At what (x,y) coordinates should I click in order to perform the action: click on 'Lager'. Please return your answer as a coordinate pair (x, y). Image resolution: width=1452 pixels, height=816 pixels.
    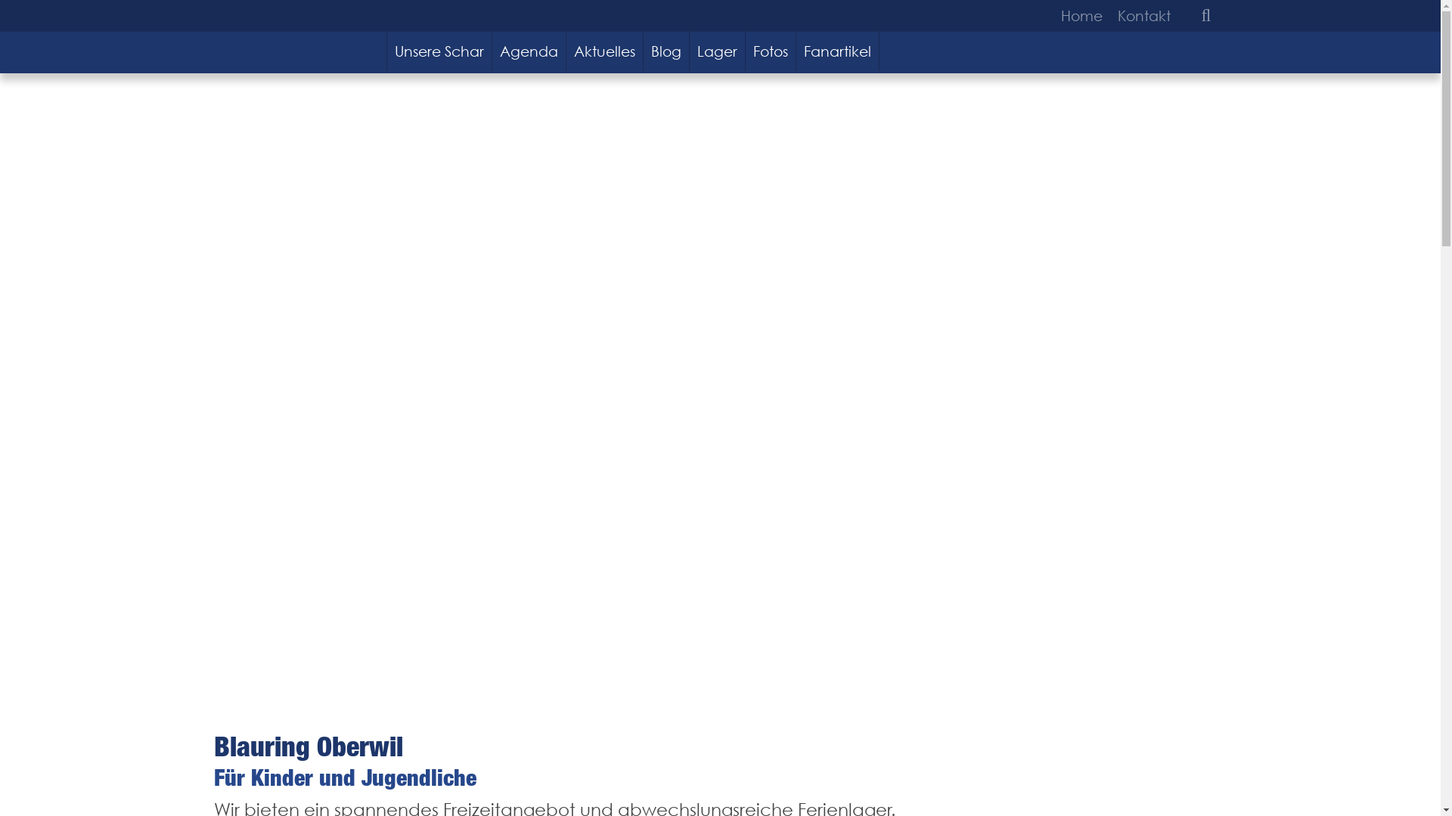
    Looking at the image, I should click on (717, 51).